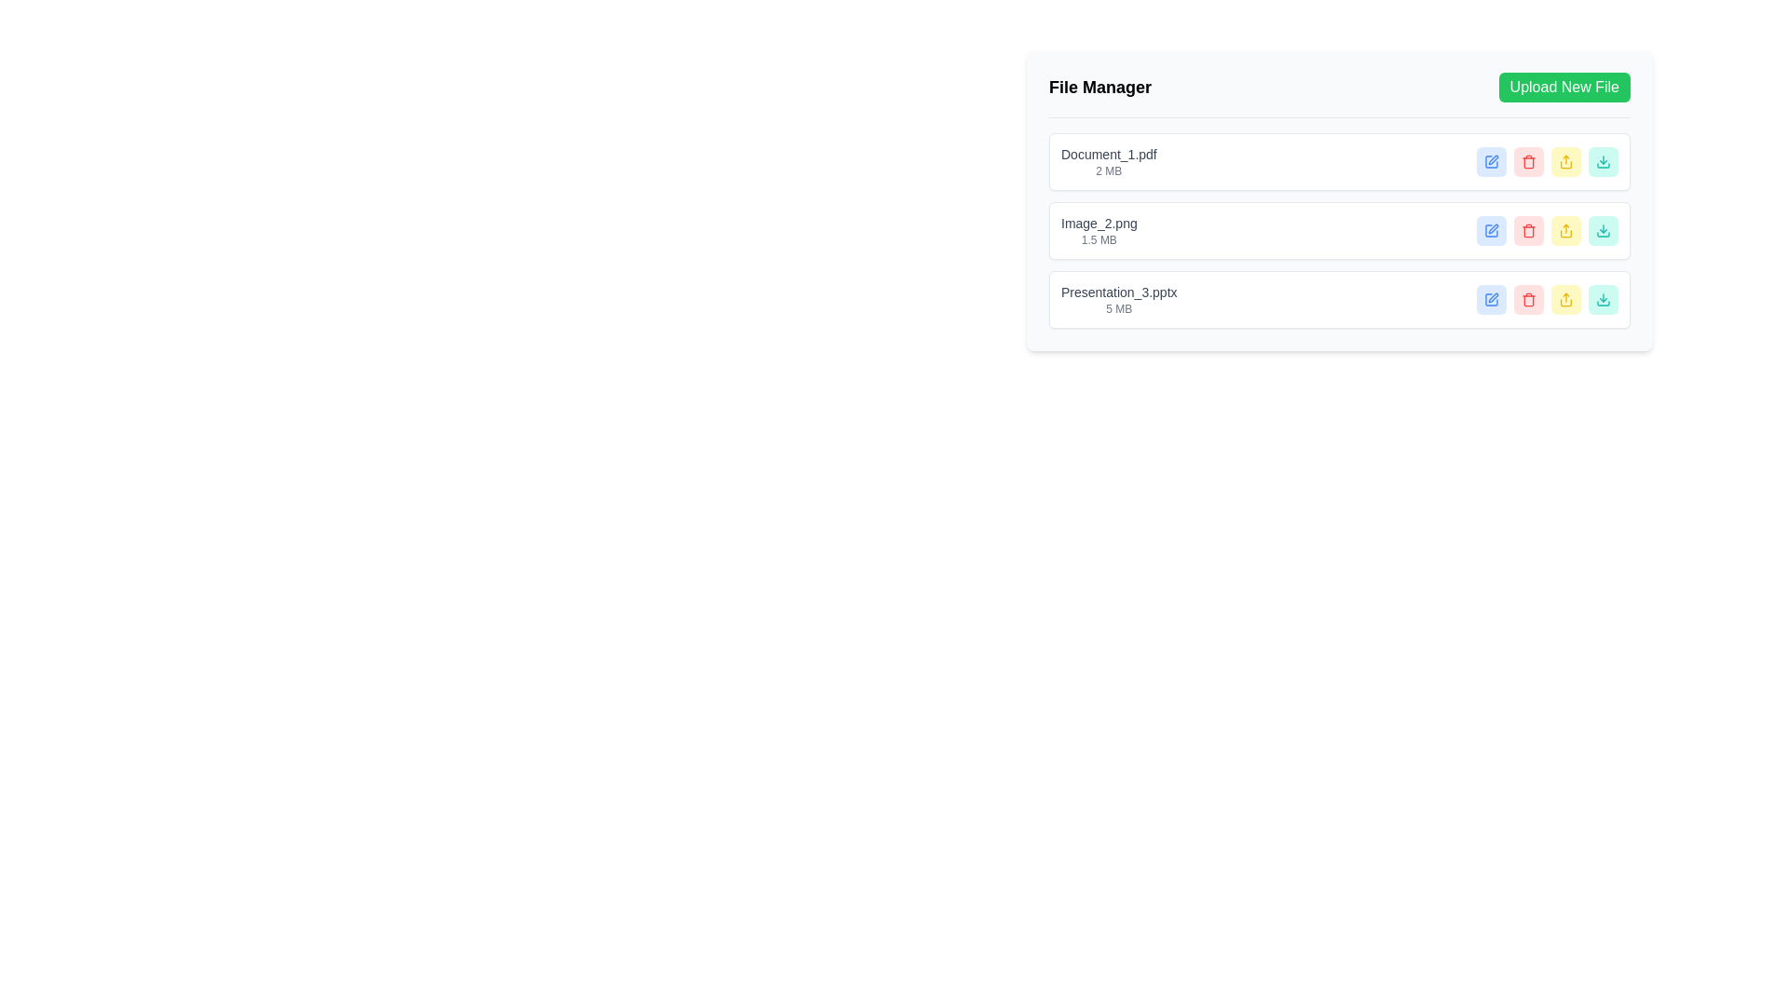  I want to click on the text label displaying 'Presentation_3.pptx' and '5 MB' in the File Manager interface, so click(1118, 298).